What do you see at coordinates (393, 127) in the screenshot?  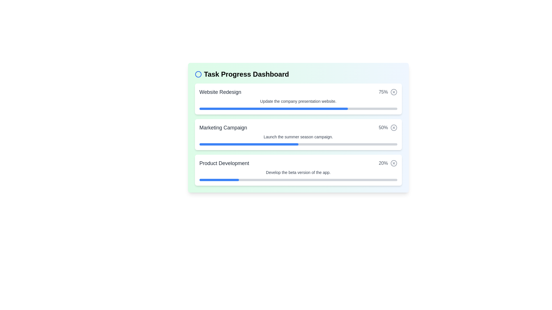 I see `the Decorative Circle that represents the center of a 'close' or 'cancel' styled icon within the Marketing Campaign progress bar card` at bounding box center [393, 127].